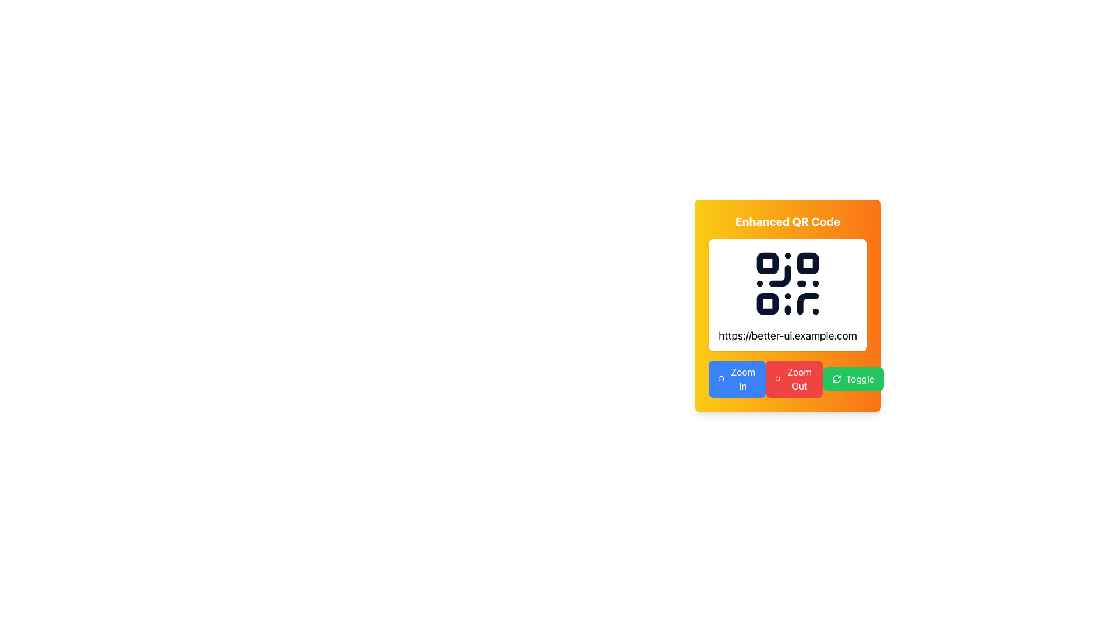 The image size is (1118, 629). I want to click on the zoom out button, which is the second button in a row of three, situated beneath a QR code, so click(793, 379).